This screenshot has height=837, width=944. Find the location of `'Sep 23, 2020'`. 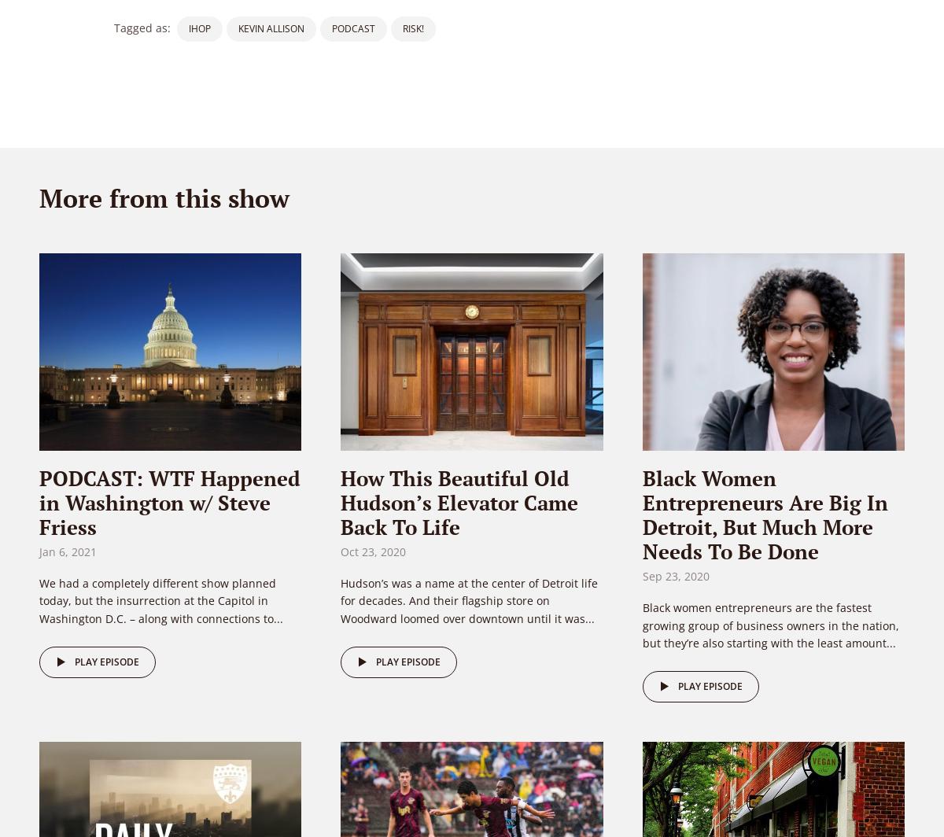

'Sep 23, 2020' is located at coordinates (674, 576).